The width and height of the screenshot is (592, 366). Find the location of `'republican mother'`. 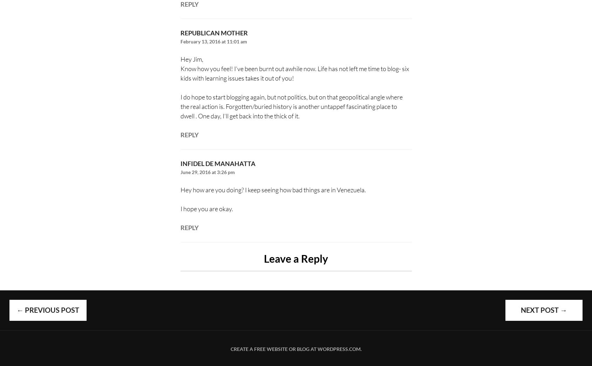

'republican mother' is located at coordinates (213, 33).